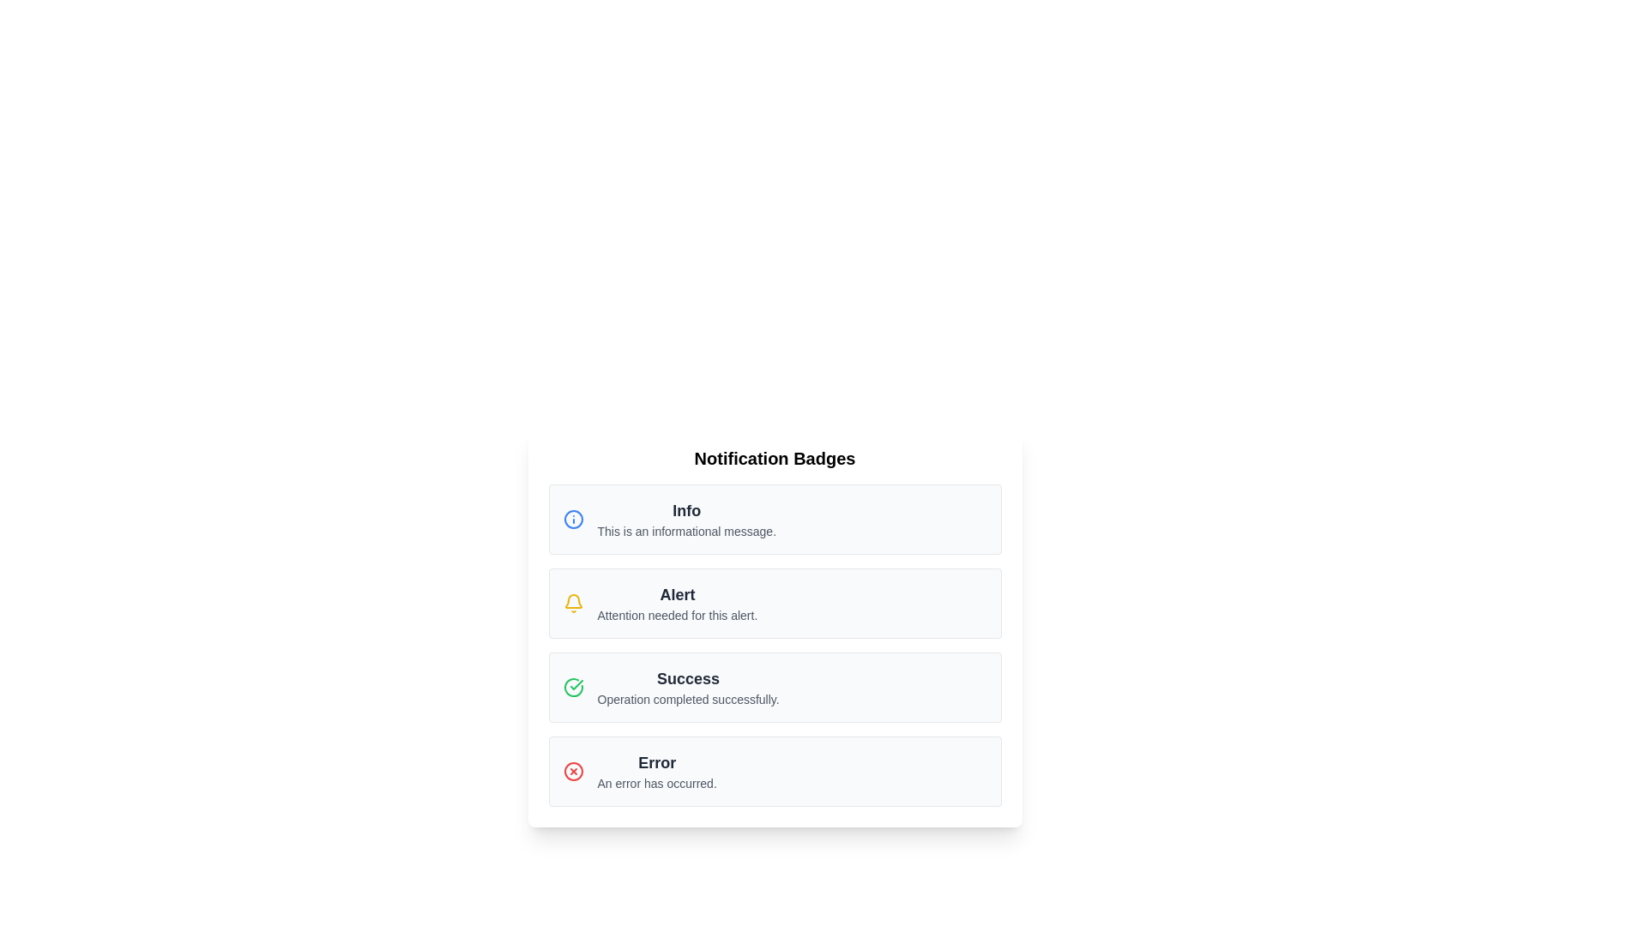  What do you see at coordinates (774, 687) in the screenshot?
I see `the third notification block indicating a completed operation, positioned between the 'Alert' and 'Error' blocks` at bounding box center [774, 687].